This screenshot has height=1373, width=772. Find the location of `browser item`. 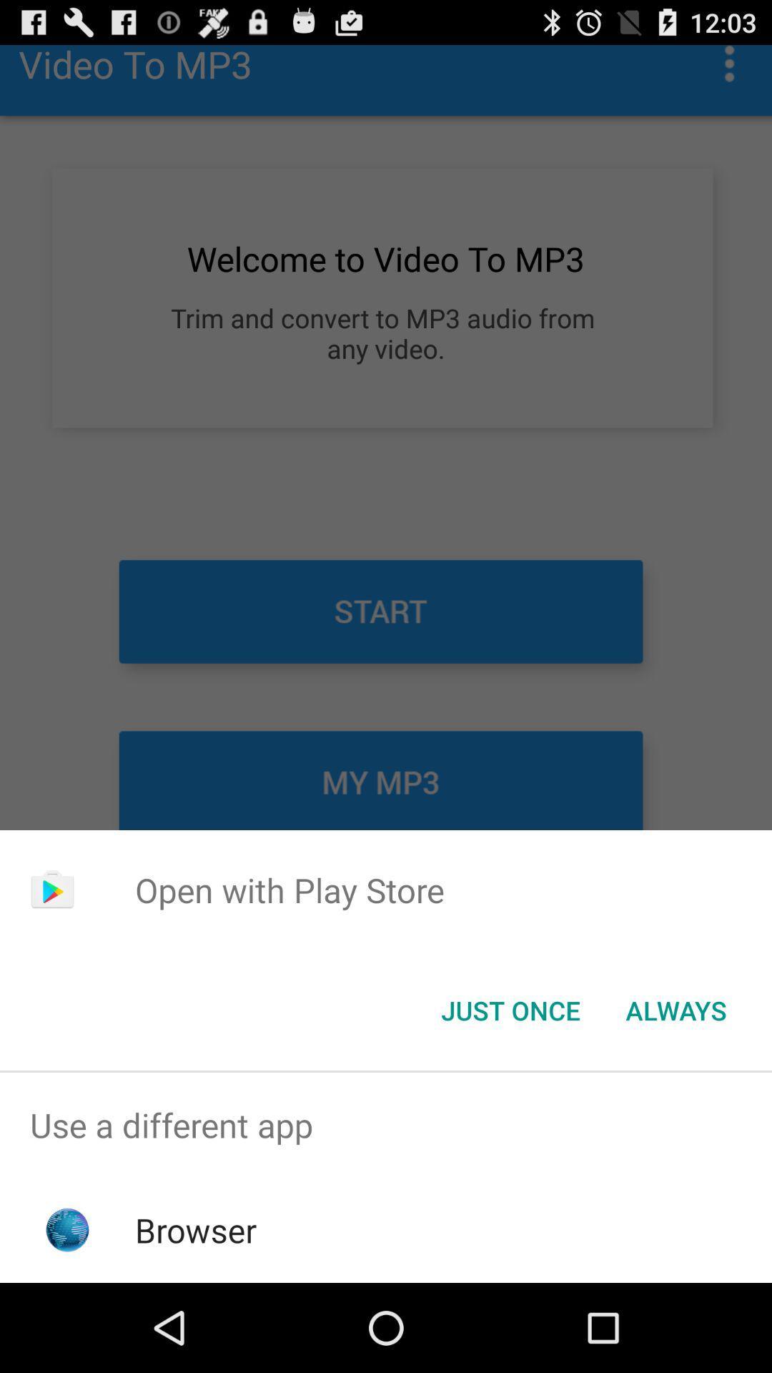

browser item is located at coordinates (196, 1229).